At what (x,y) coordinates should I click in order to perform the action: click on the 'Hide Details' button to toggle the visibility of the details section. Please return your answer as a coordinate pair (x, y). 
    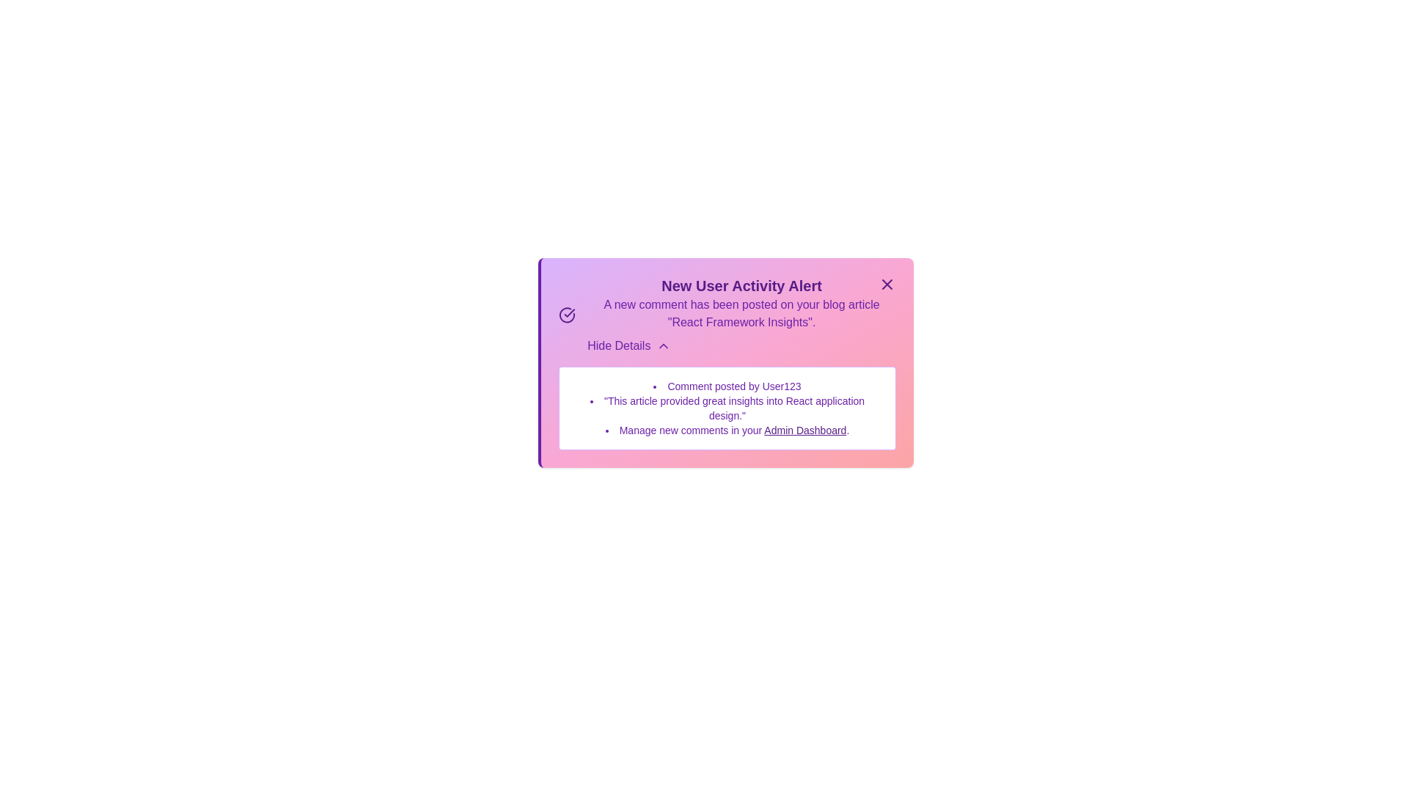
    Looking at the image, I should click on (629, 345).